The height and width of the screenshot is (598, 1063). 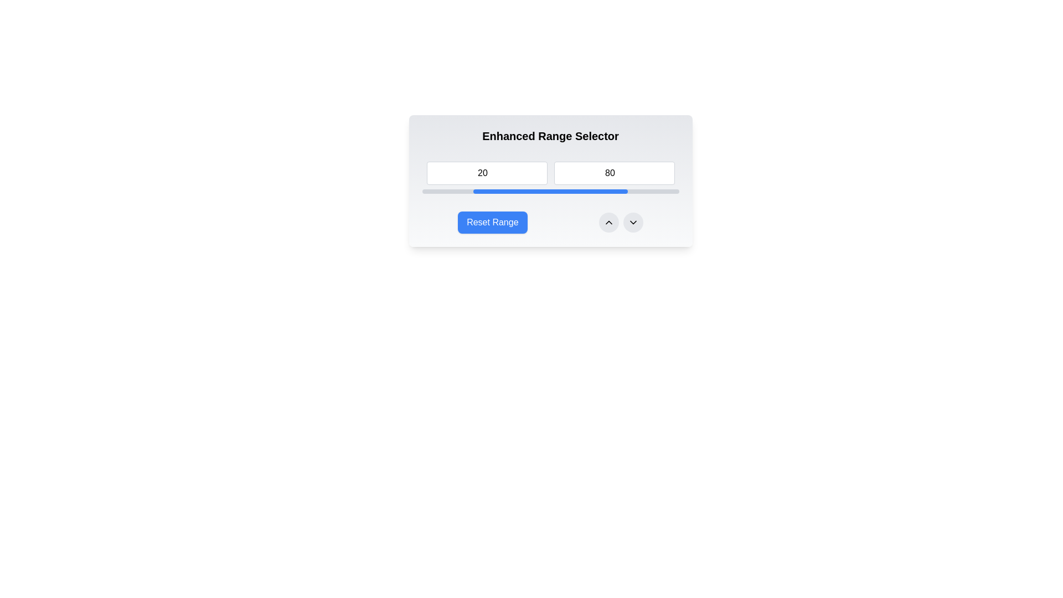 What do you see at coordinates (487, 173) in the screenshot?
I see `the first numeric input box located at the top center of the interface` at bounding box center [487, 173].